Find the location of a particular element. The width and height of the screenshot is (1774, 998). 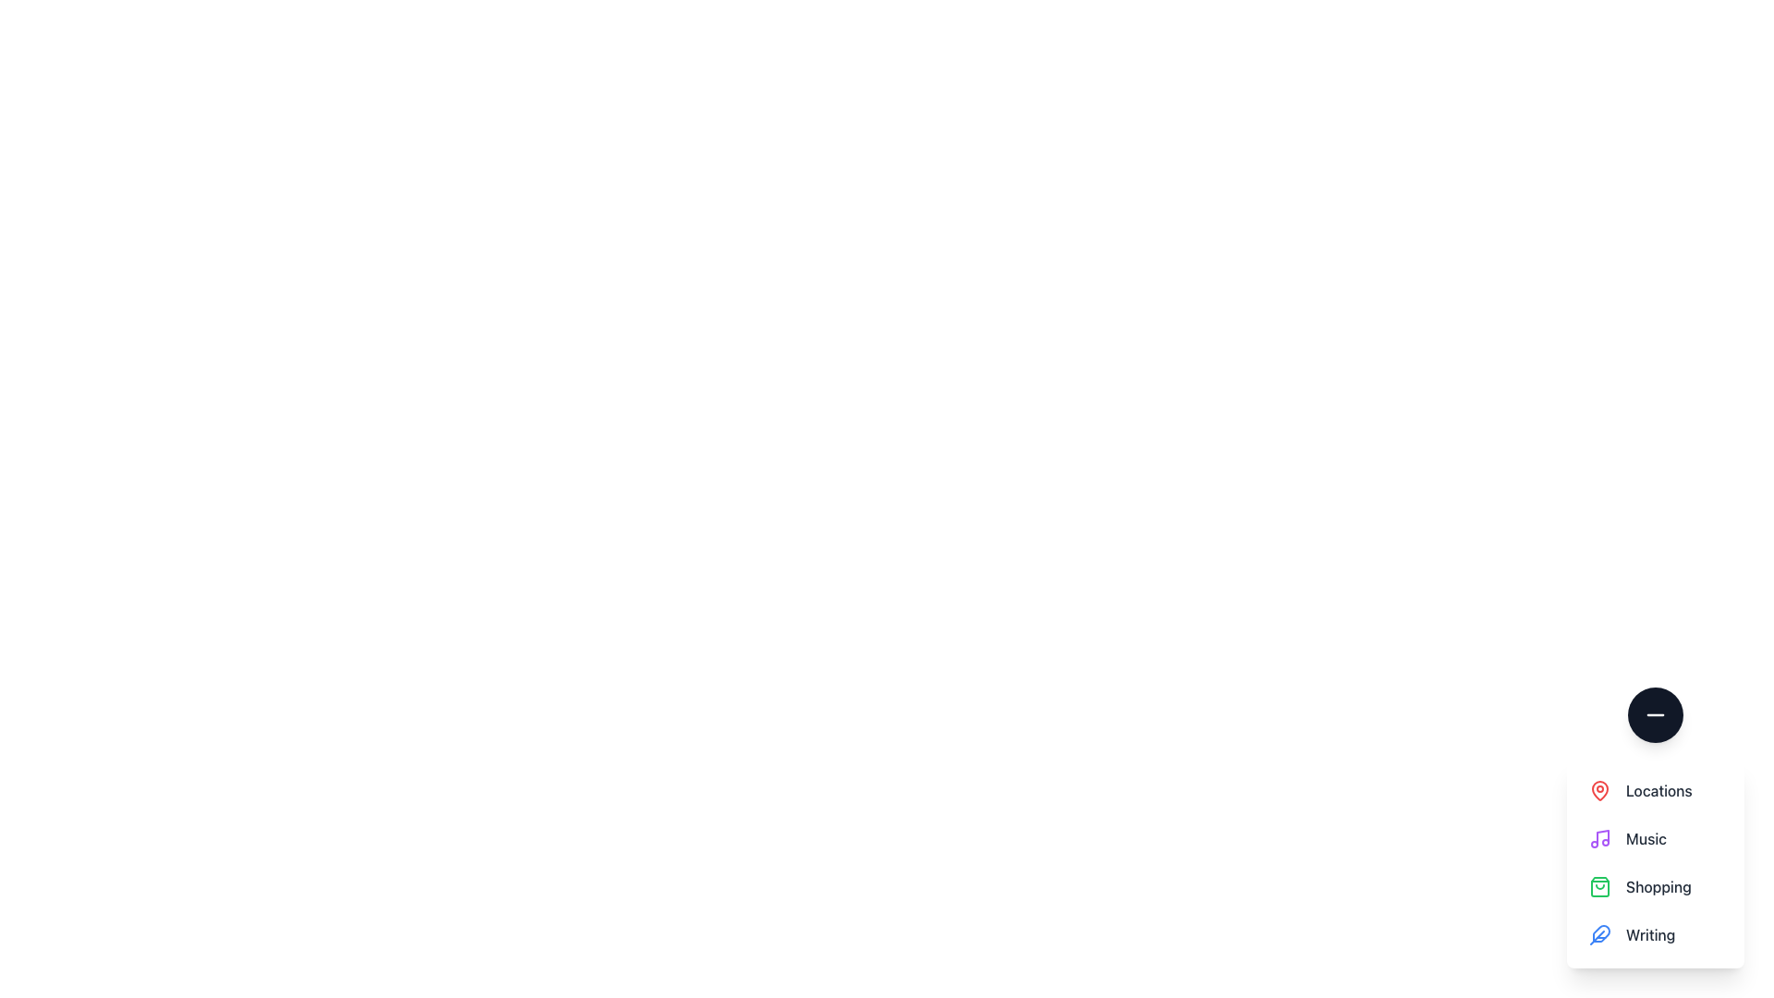

the text element which is the third item in a vertical list of options related to shopping, positioned between 'Music' and 'Writing' is located at coordinates (1659, 886).